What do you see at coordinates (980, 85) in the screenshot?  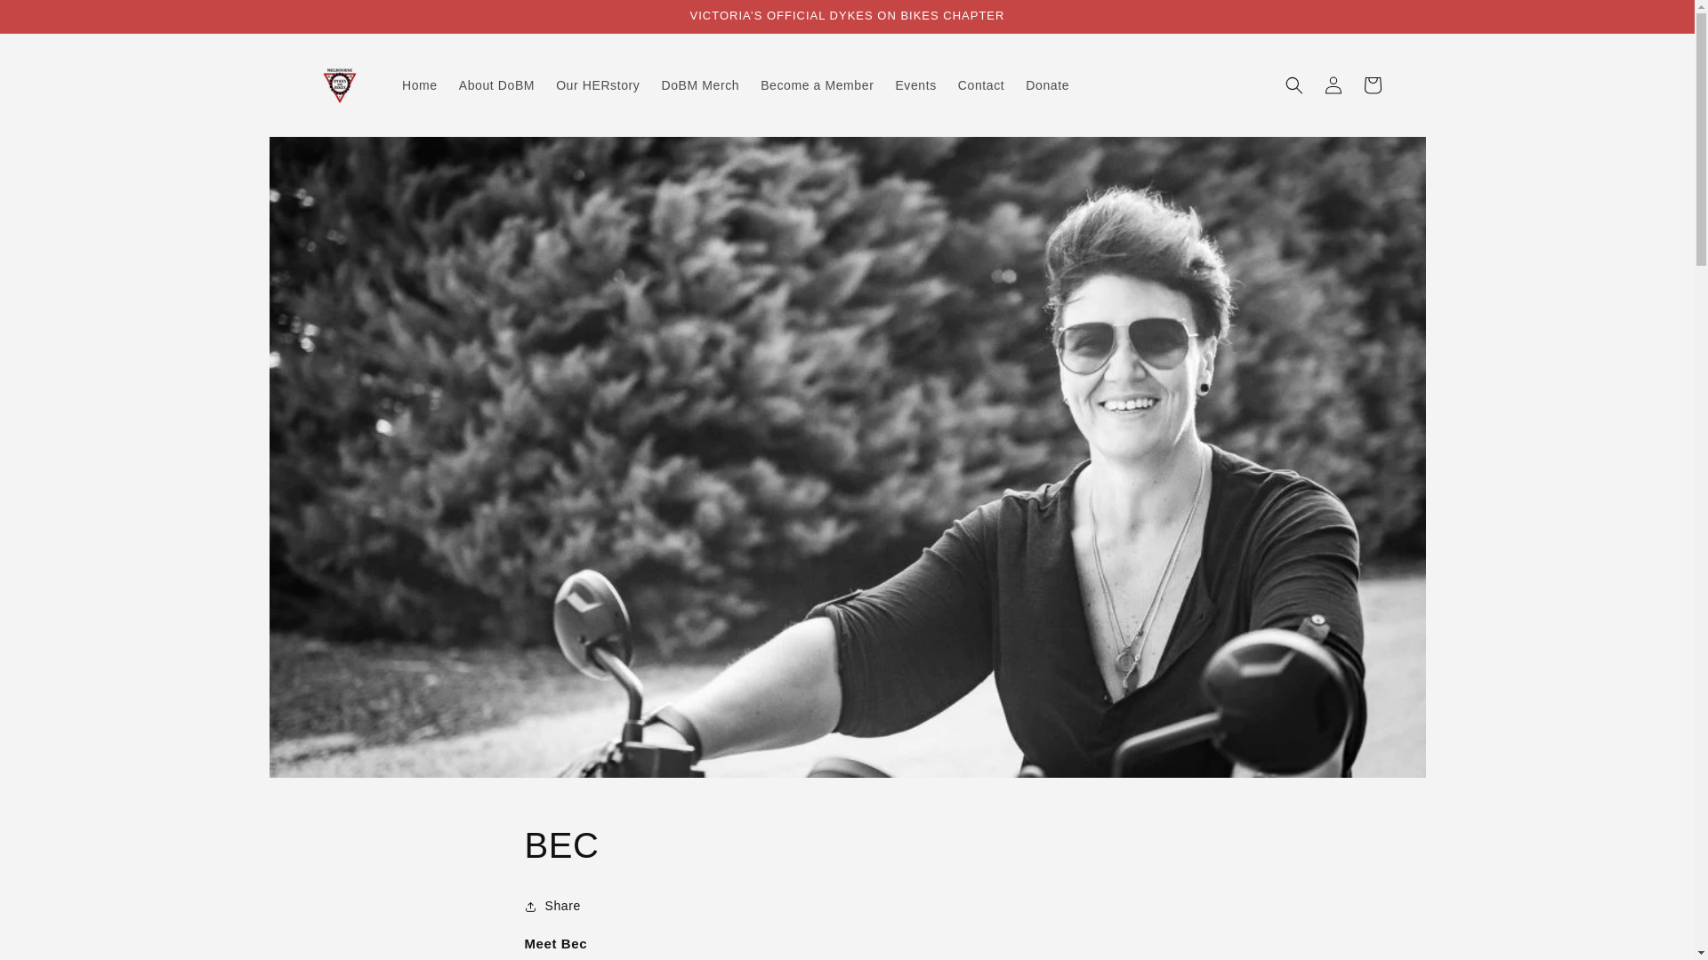 I see `'Contact'` at bounding box center [980, 85].